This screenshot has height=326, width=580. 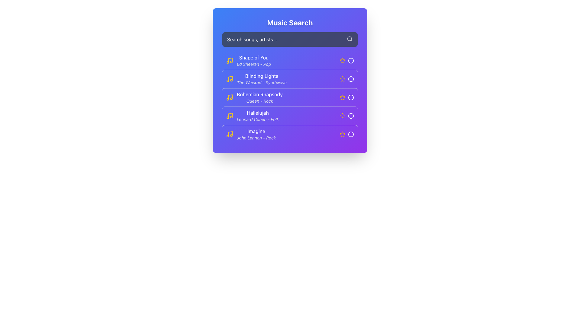 I want to click on the title of the song in the music search interface, so click(x=254, y=58).